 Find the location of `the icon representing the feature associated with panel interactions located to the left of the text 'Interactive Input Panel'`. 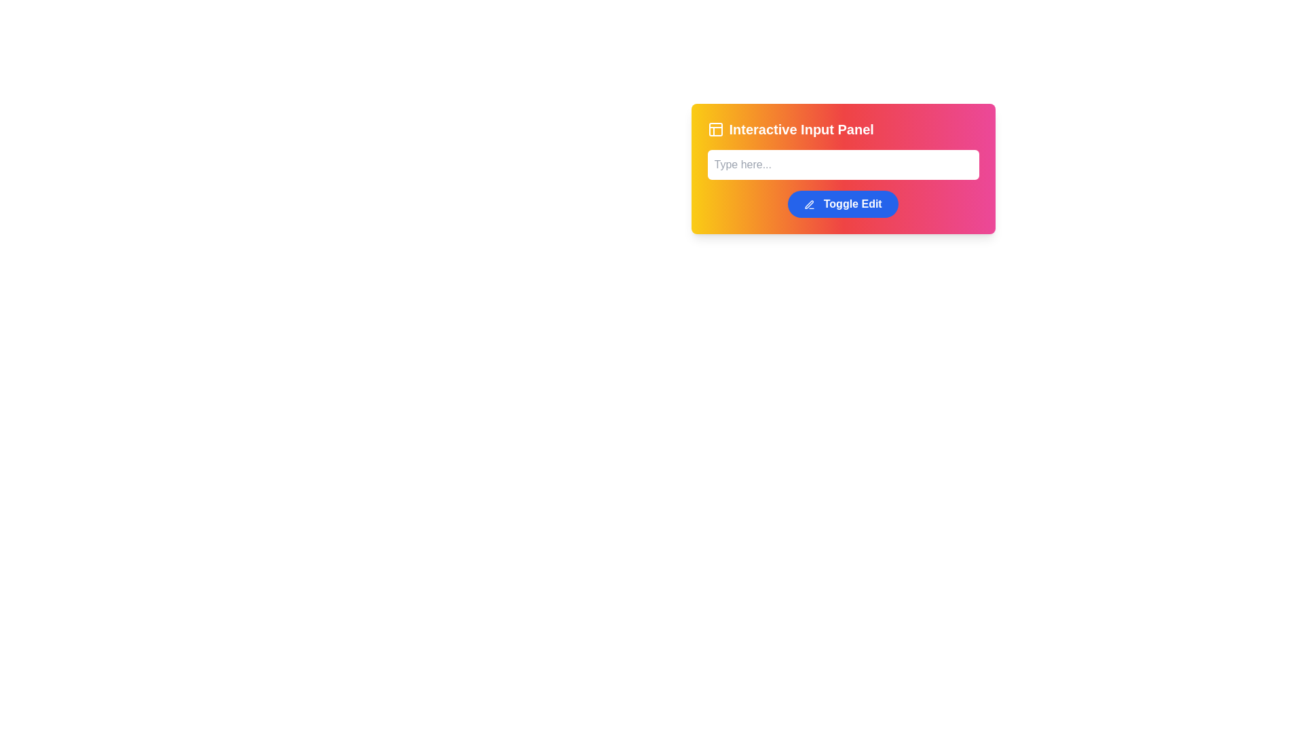

the icon representing the feature associated with panel interactions located to the left of the text 'Interactive Input Panel' is located at coordinates (715, 130).